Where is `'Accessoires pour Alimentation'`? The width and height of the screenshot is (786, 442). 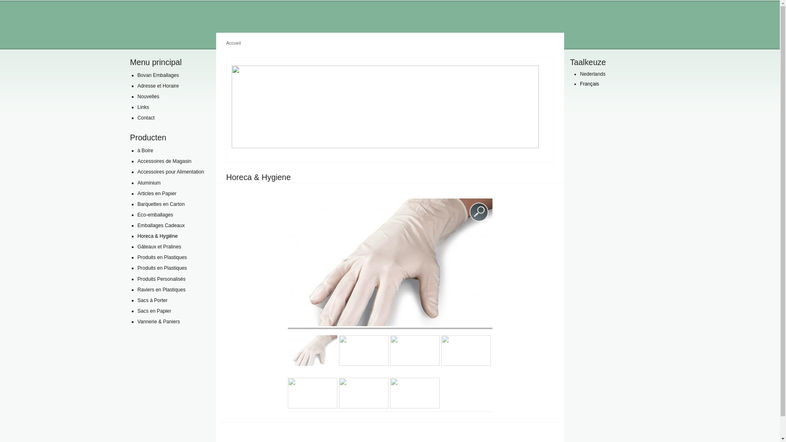
'Accessoires pour Alimentation' is located at coordinates (172, 171).